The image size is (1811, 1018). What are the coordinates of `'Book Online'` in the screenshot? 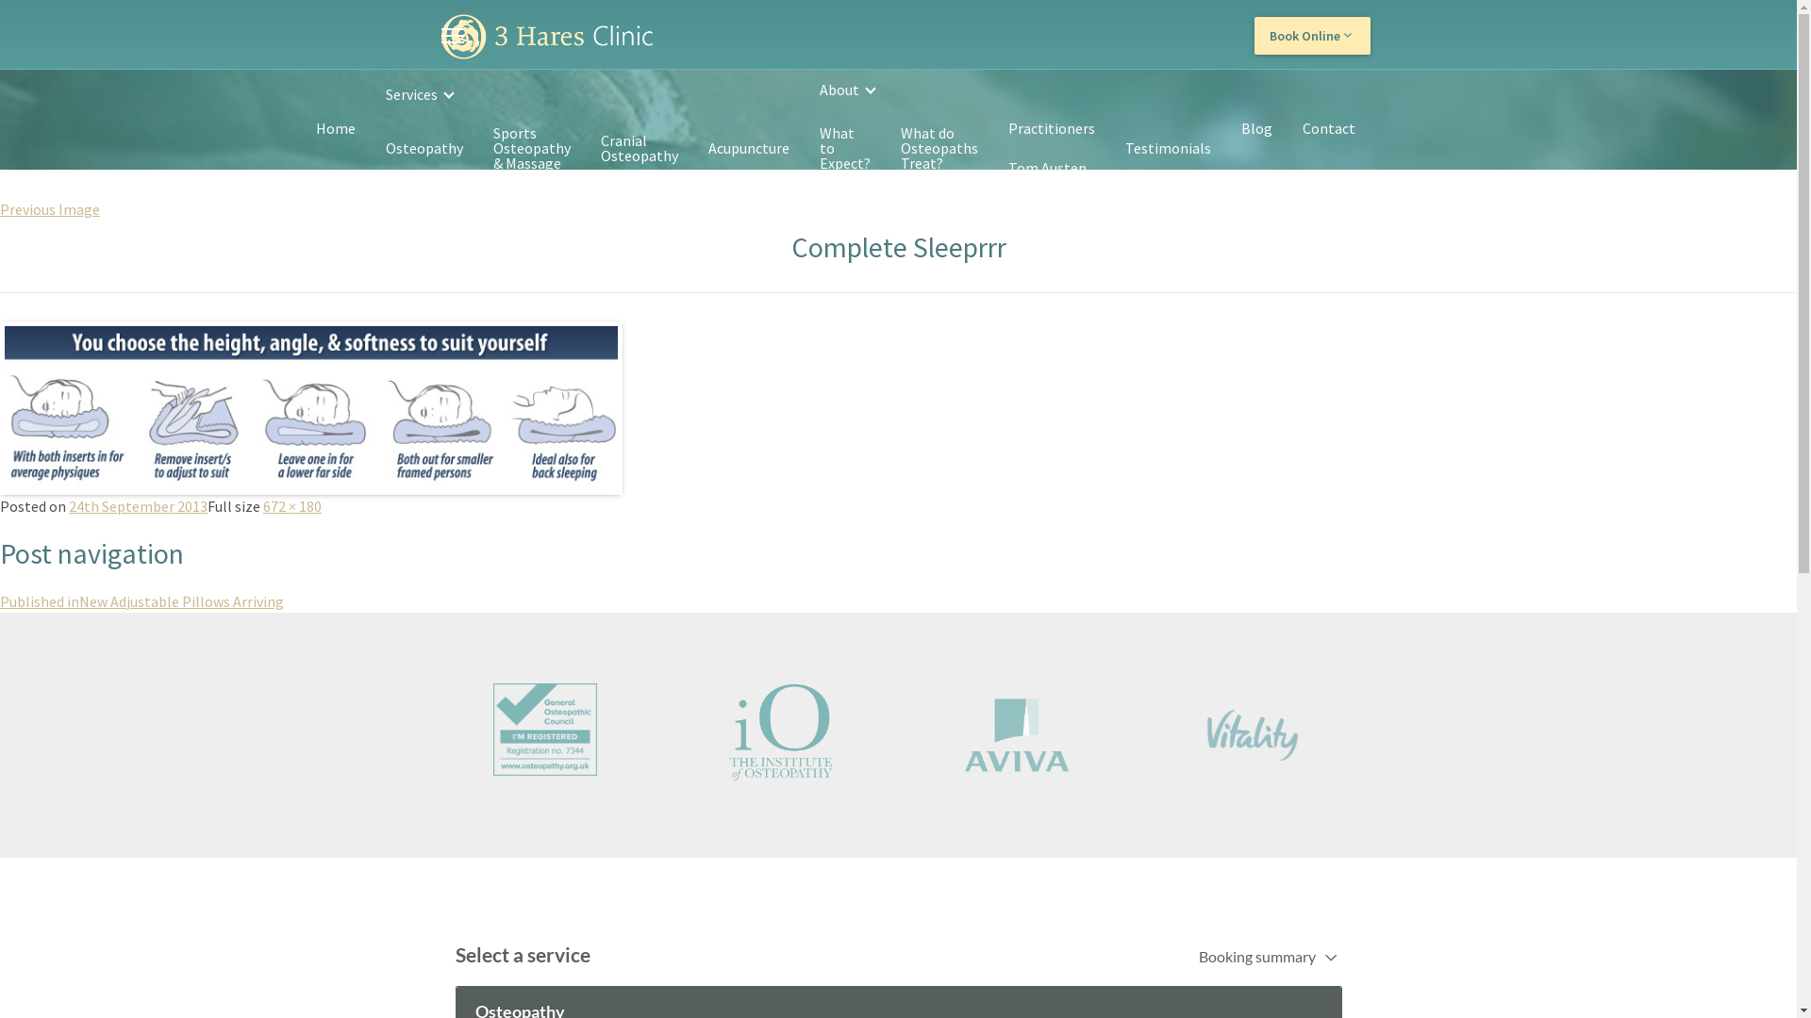 It's located at (1311, 36).